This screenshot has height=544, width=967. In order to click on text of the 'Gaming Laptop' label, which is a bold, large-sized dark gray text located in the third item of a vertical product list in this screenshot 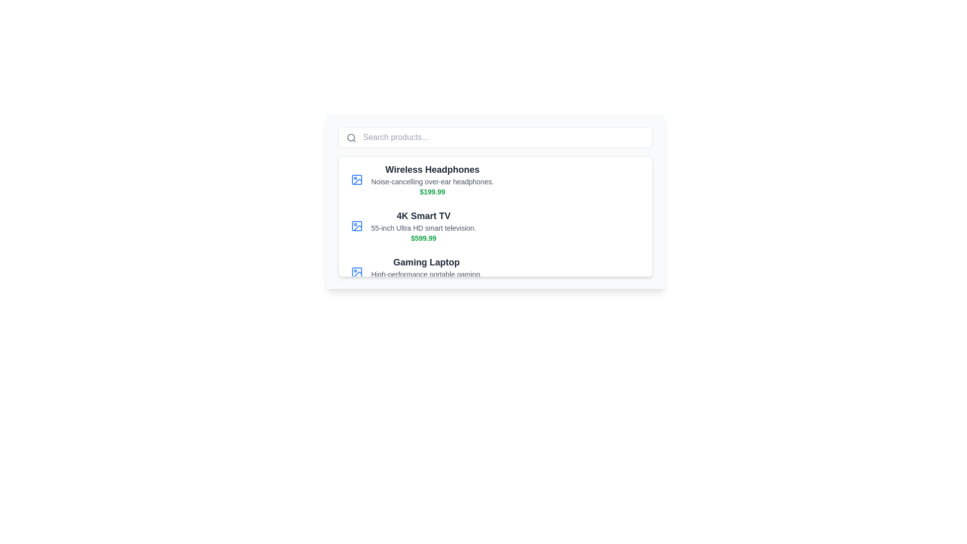, I will do `click(427, 261)`.